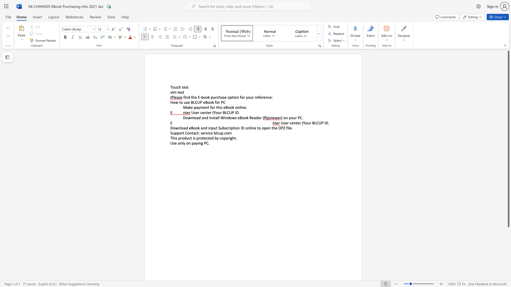  What do you see at coordinates (294, 117) in the screenshot?
I see `the 1th character "u" in the text` at bounding box center [294, 117].